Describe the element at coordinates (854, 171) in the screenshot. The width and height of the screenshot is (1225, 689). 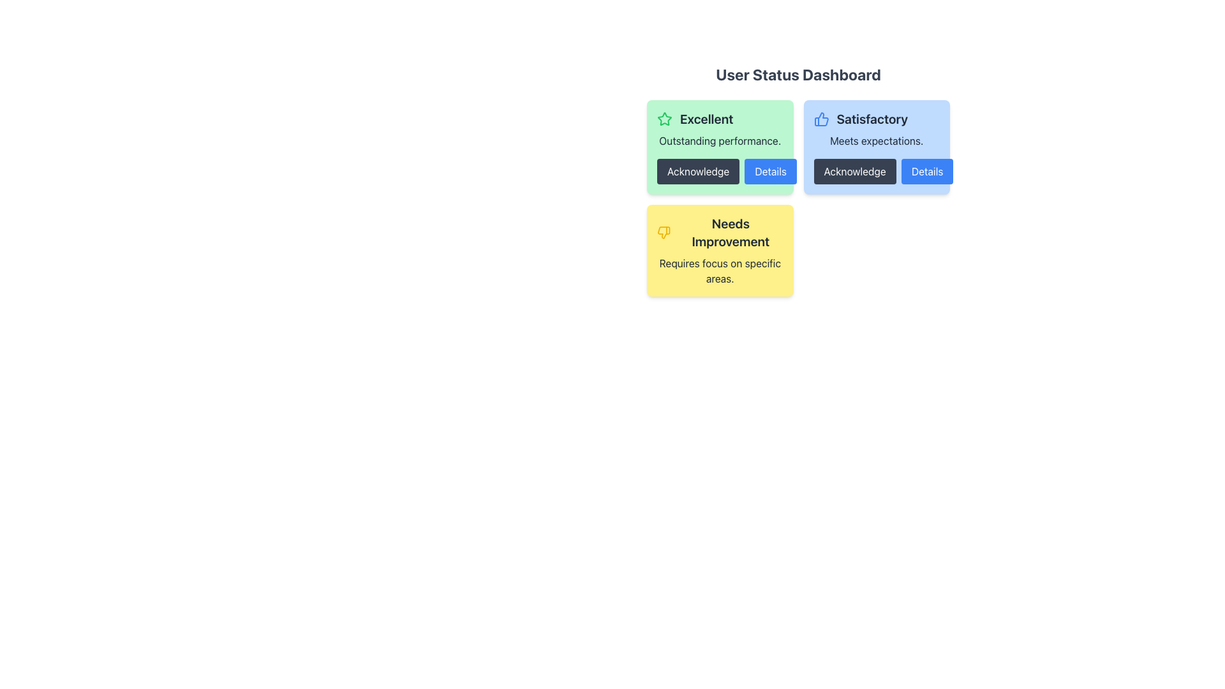
I see `the 'Satisfactory' button located in the top-right card to acknowledge the status or message` at that location.